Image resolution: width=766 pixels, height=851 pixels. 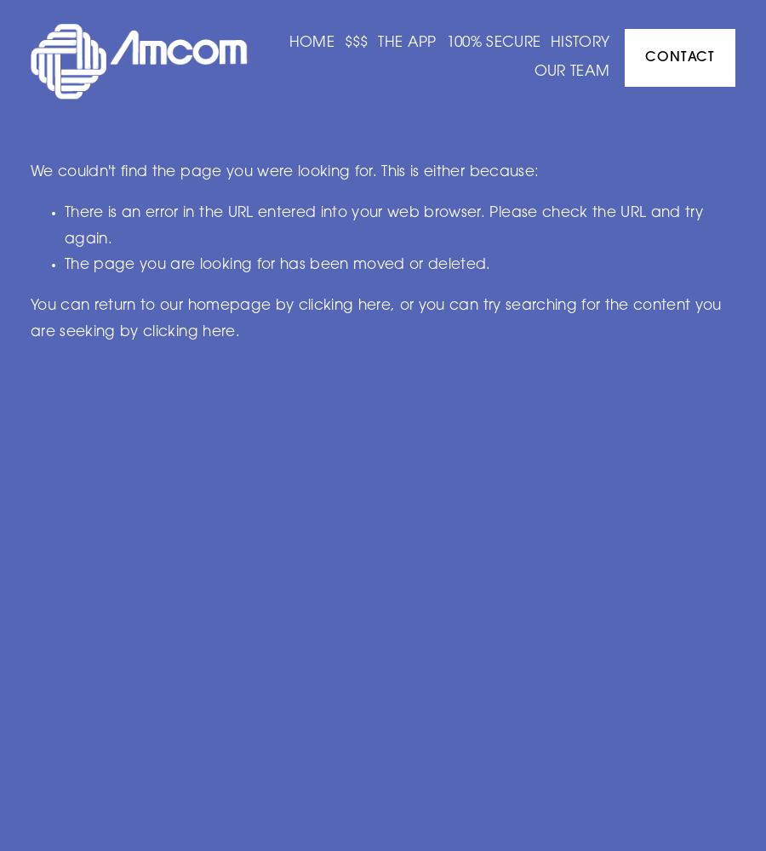 What do you see at coordinates (236, 331) in the screenshot?
I see `'.'` at bounding box center [236, 331].